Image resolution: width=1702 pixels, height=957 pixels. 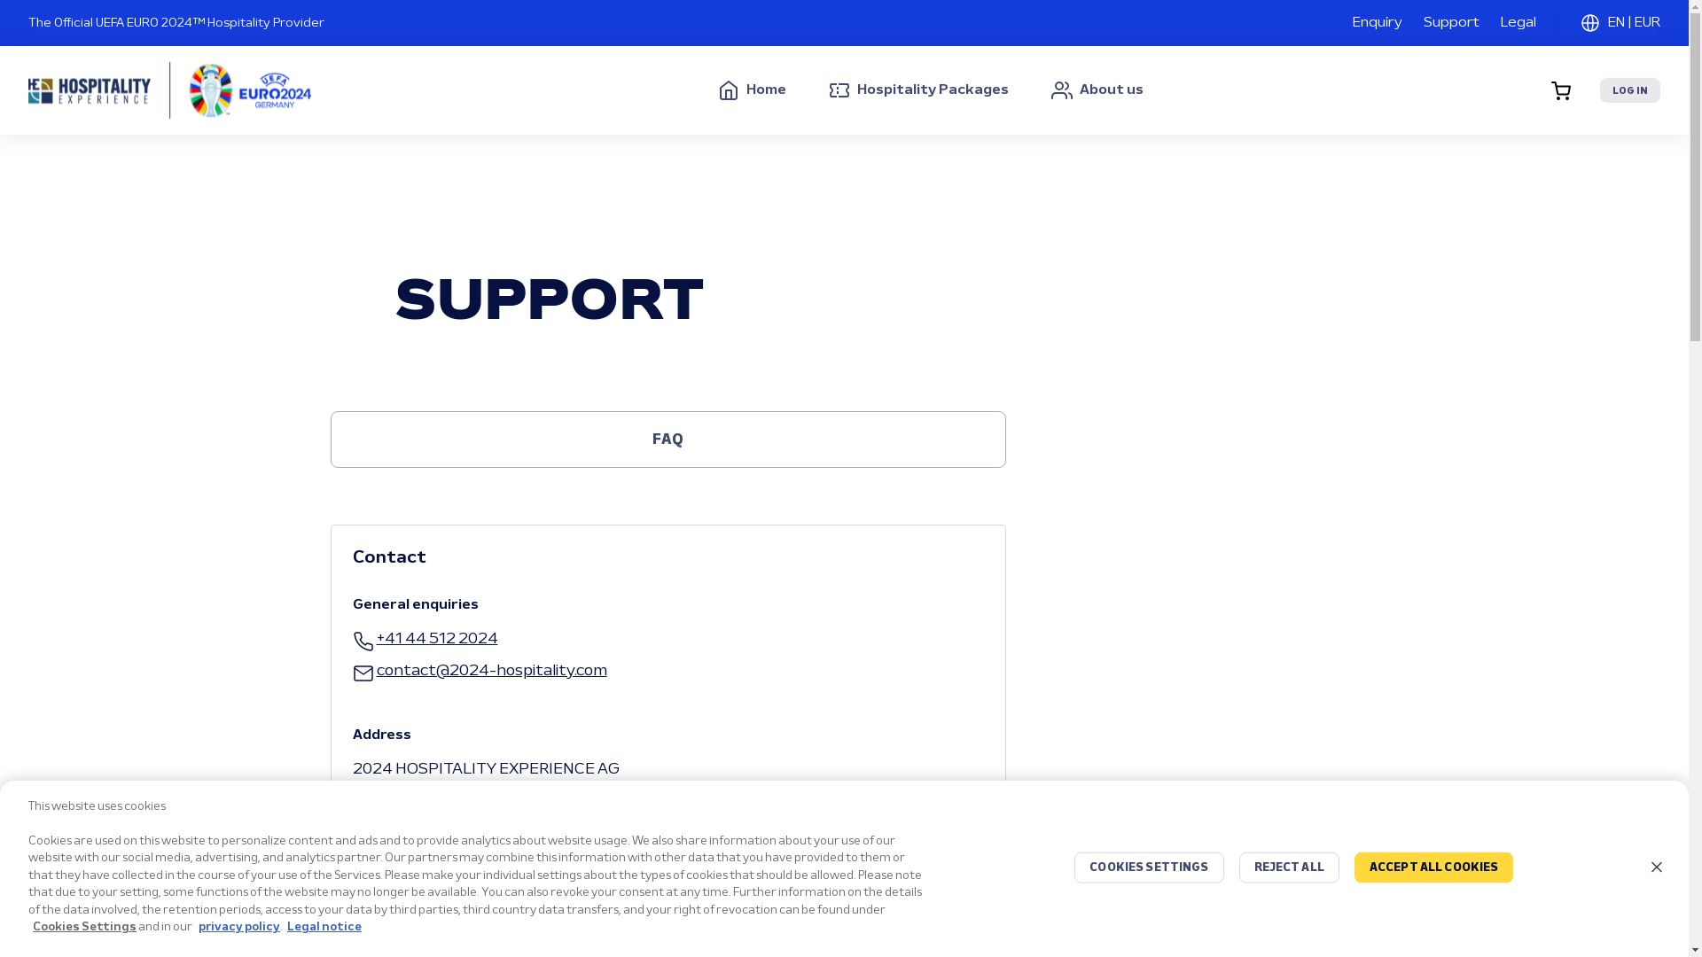 What do you see at coordinates (1424, 22) in the screenshot?
I see `'Support'` at bounding box center [1424, 22].